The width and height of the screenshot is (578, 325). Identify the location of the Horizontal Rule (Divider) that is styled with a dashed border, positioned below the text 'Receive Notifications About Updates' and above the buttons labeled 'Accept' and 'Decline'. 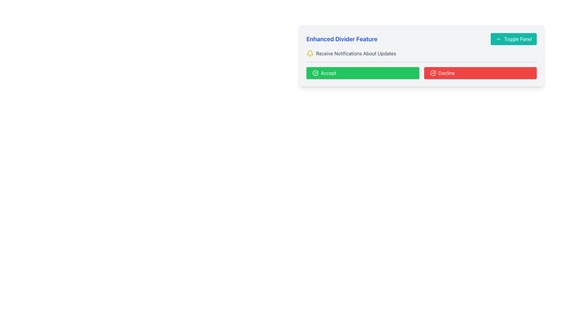
(421, 62).